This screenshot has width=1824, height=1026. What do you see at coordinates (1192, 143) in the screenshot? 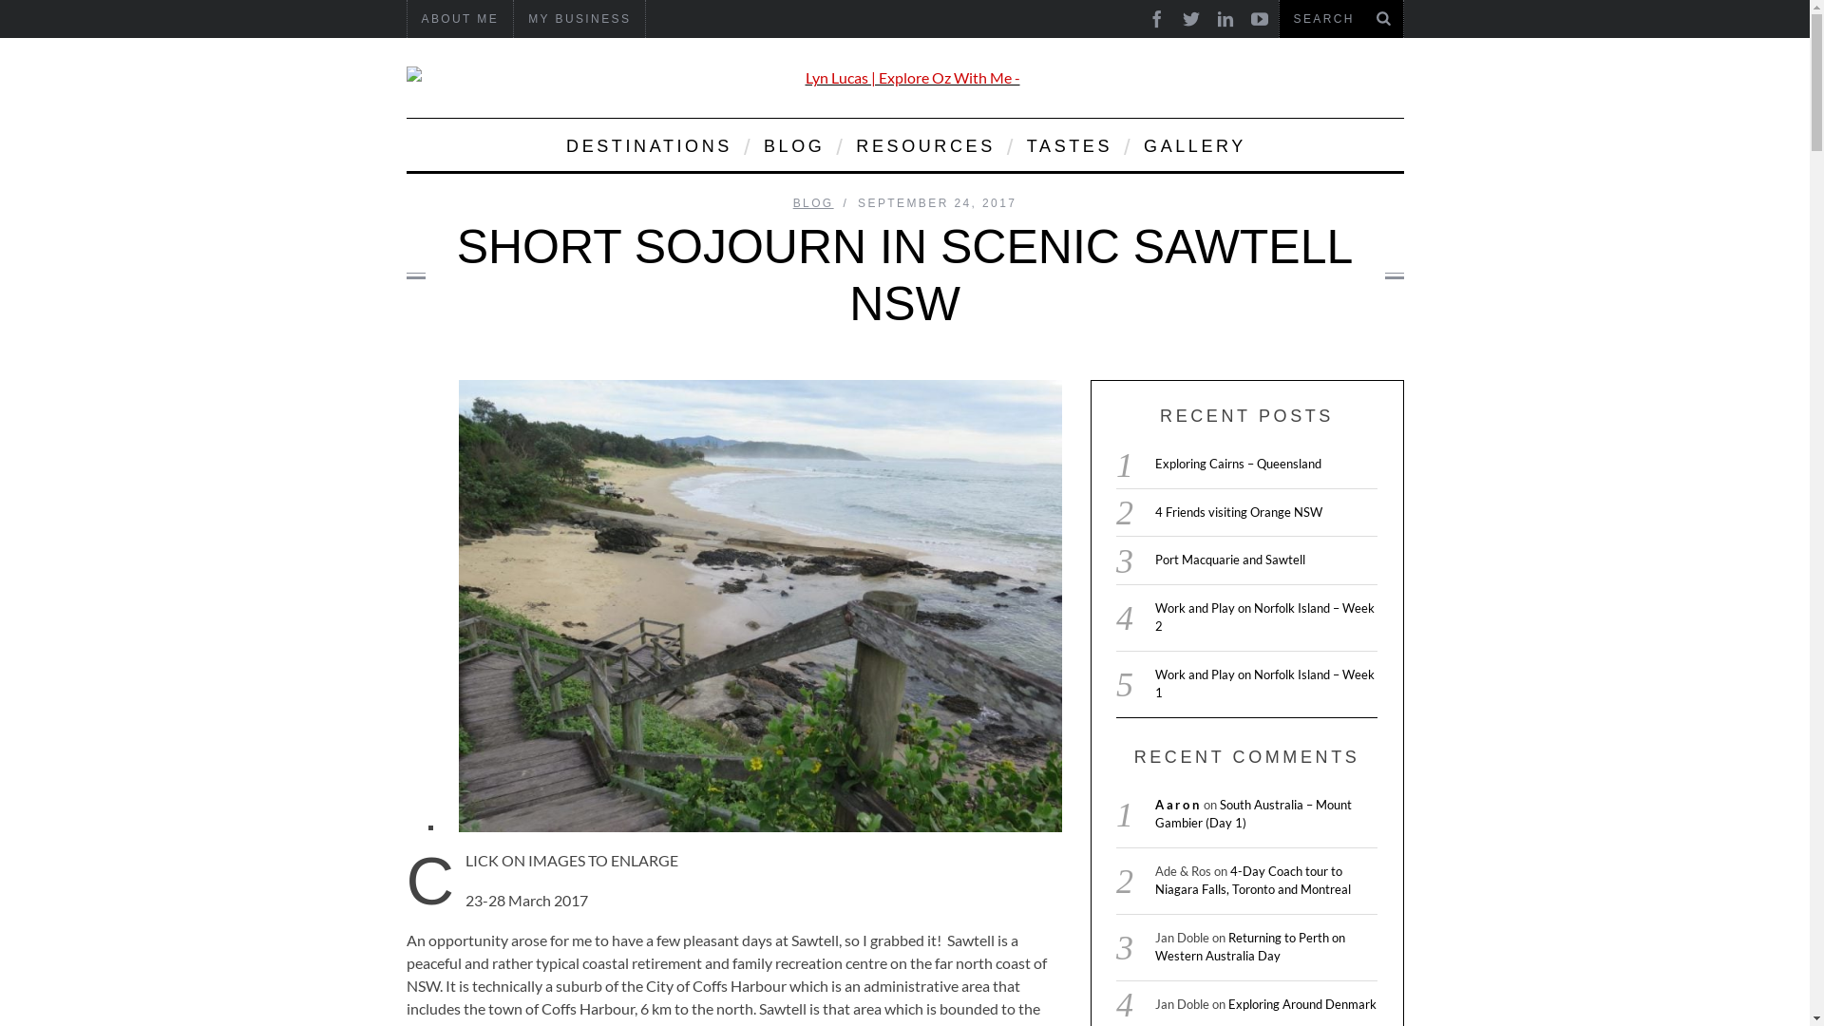
I see `'GALLERY'` at bounding box center [1192, 143].